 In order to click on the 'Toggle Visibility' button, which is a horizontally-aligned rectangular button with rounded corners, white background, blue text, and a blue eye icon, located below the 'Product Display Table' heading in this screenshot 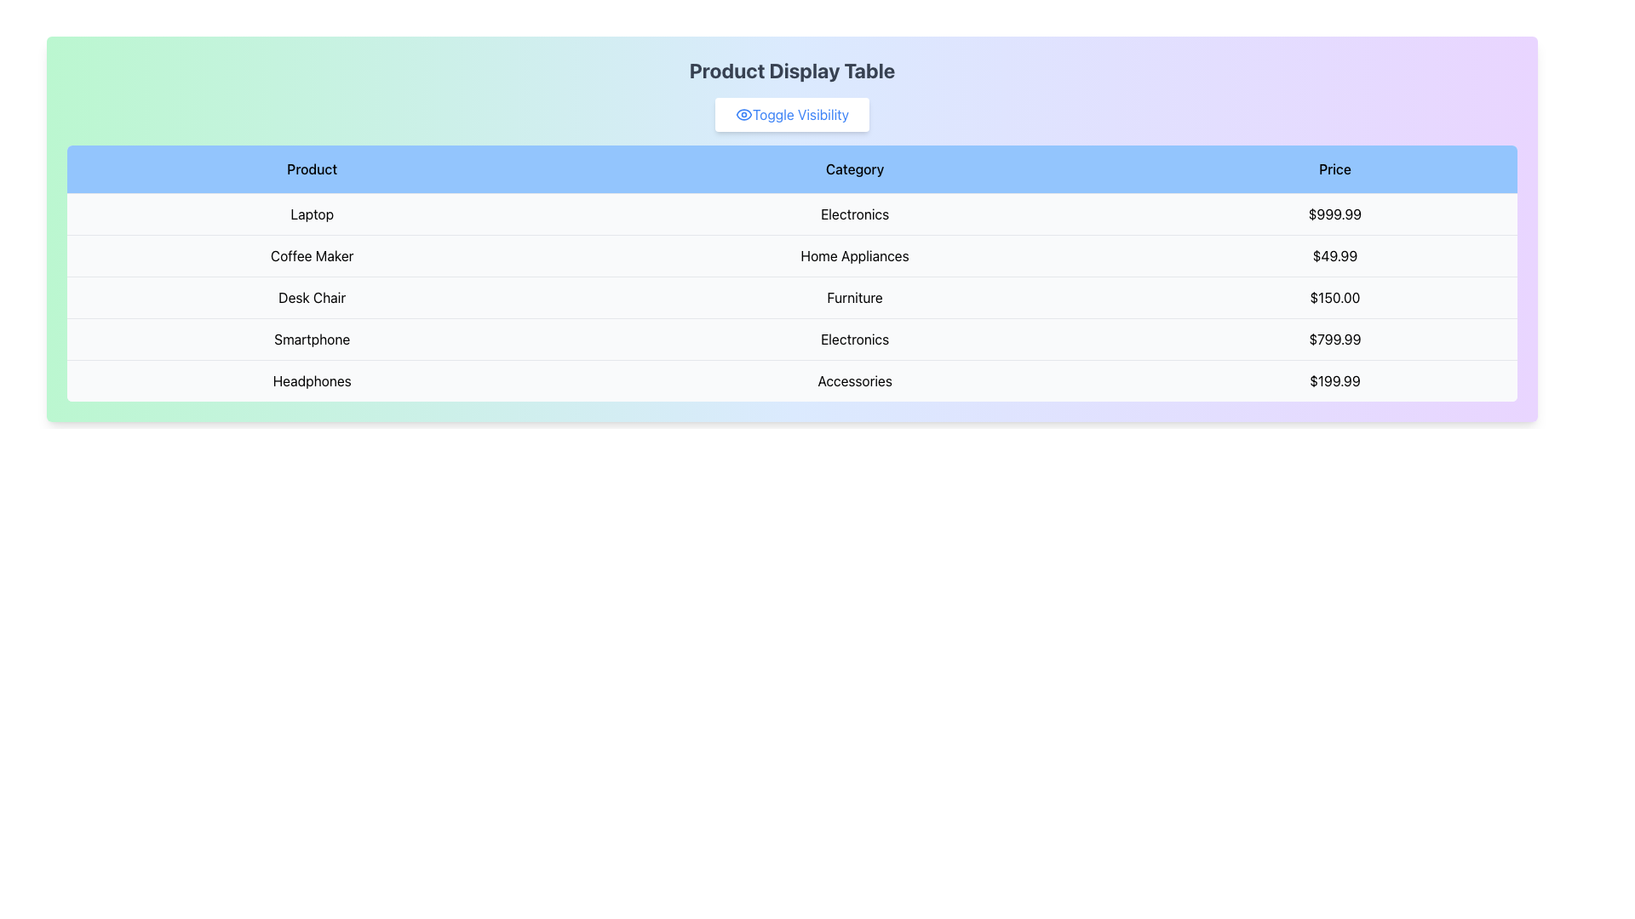, I will do `click(791, 115)`.